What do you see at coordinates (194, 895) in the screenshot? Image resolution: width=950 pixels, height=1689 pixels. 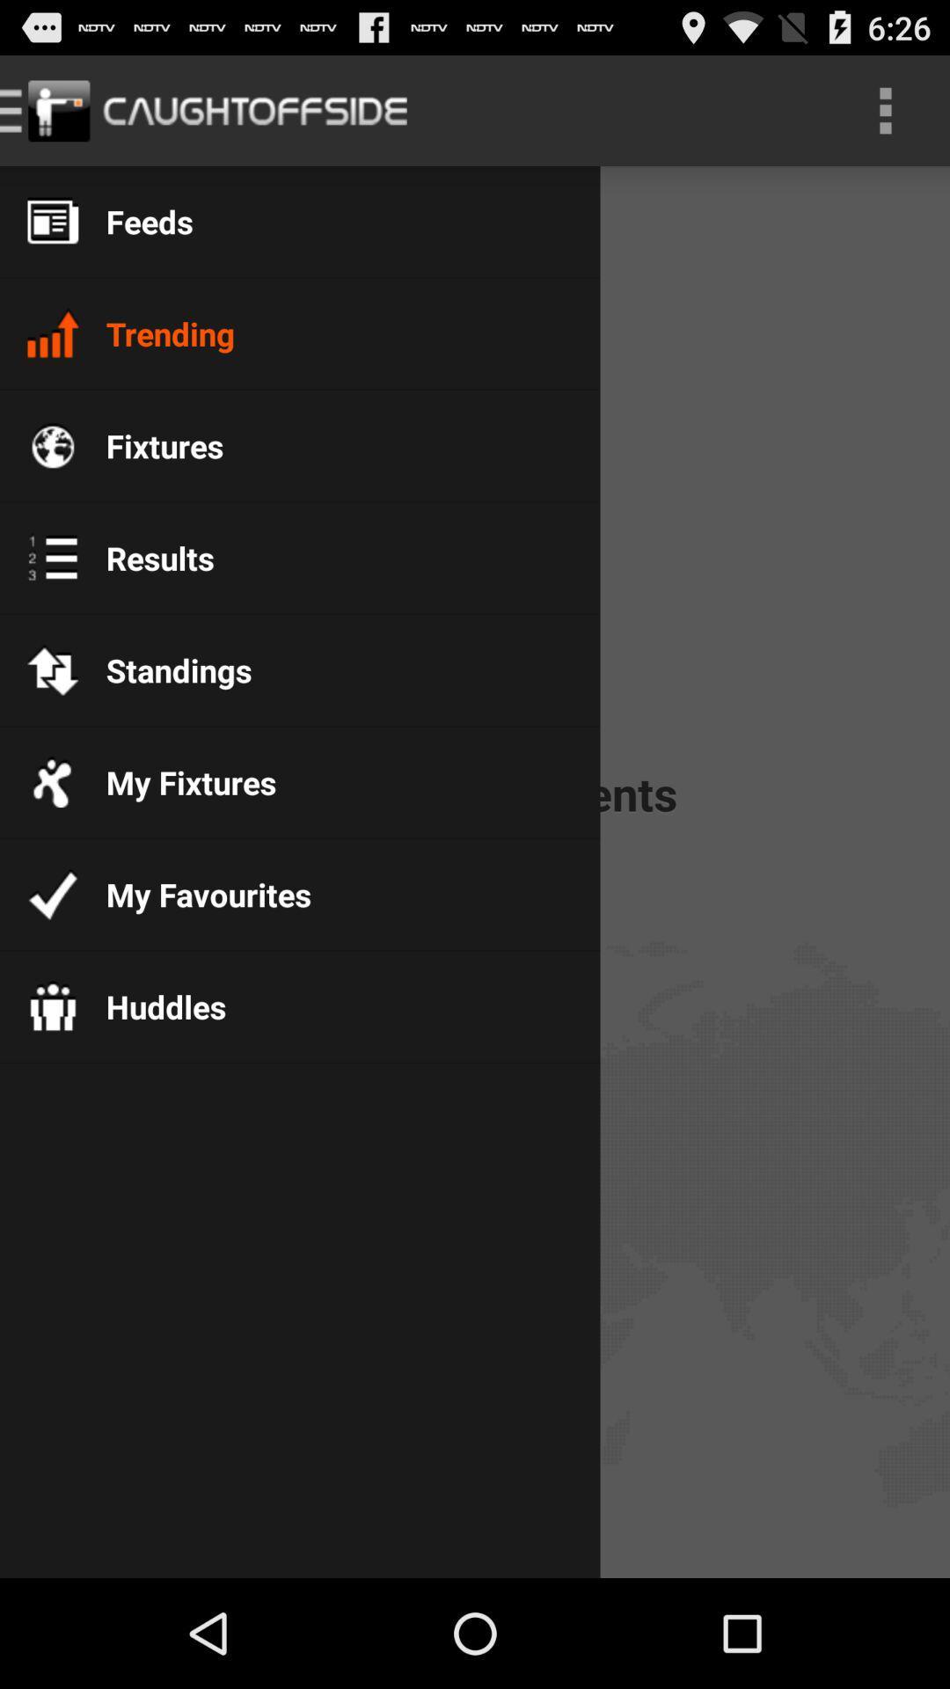 I see `the my favourites item` at bounding box center [194, 895].